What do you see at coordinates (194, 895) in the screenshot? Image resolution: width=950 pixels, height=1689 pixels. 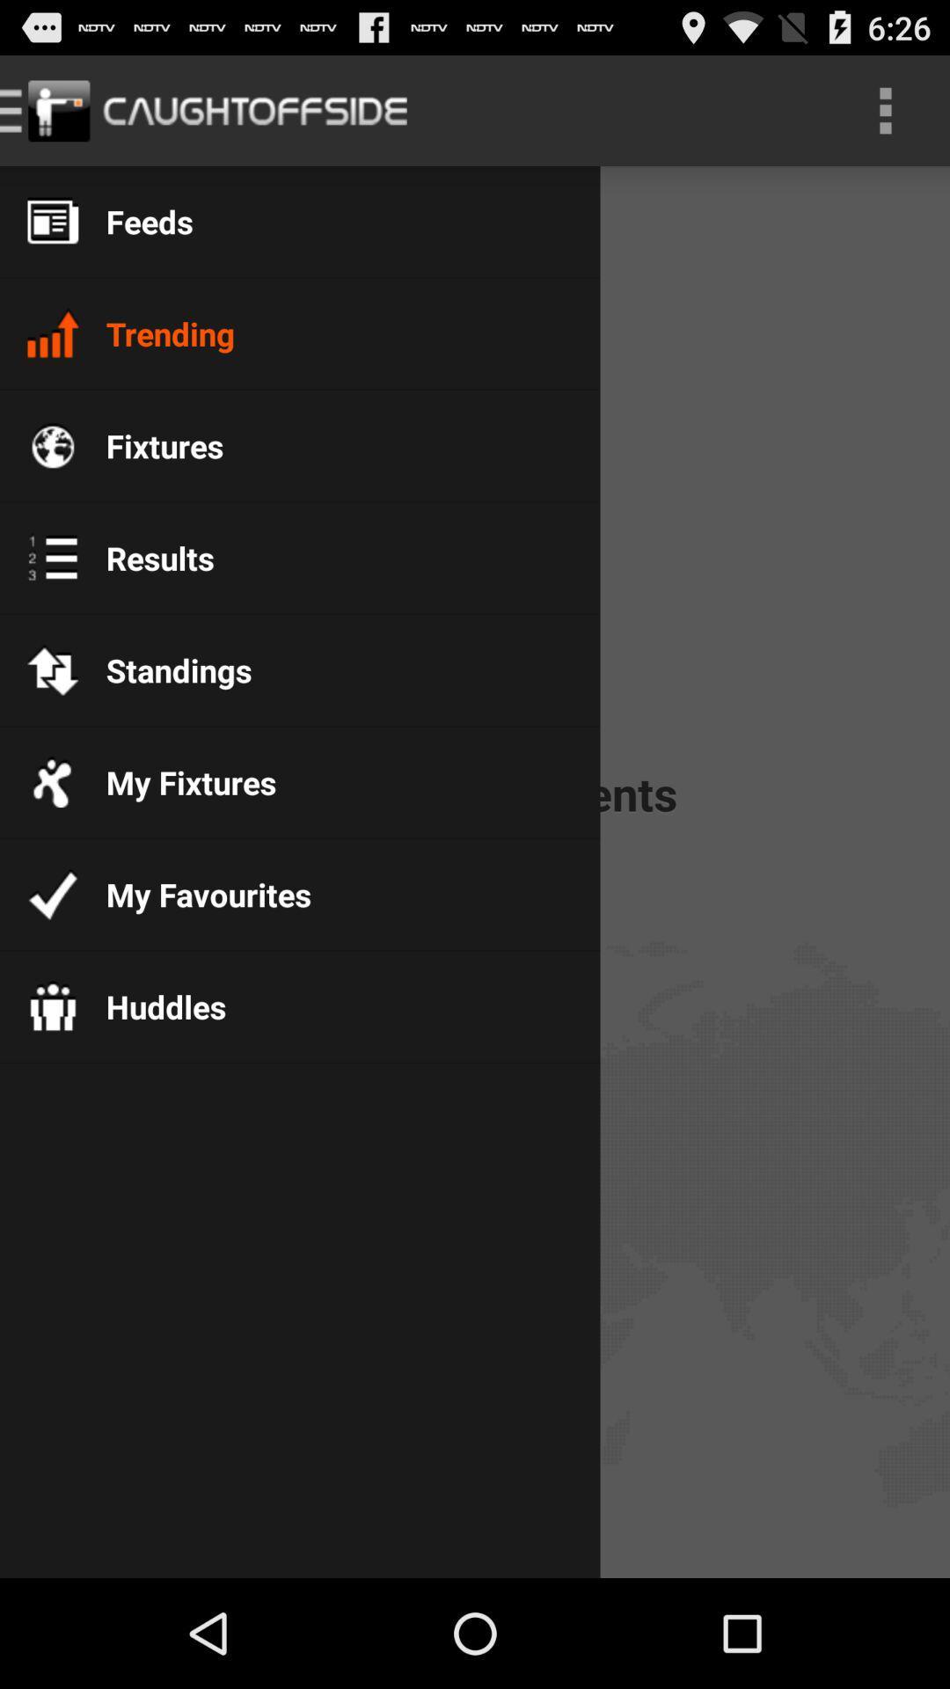 I see `the my favourites item` at bounding box center [194, 895].